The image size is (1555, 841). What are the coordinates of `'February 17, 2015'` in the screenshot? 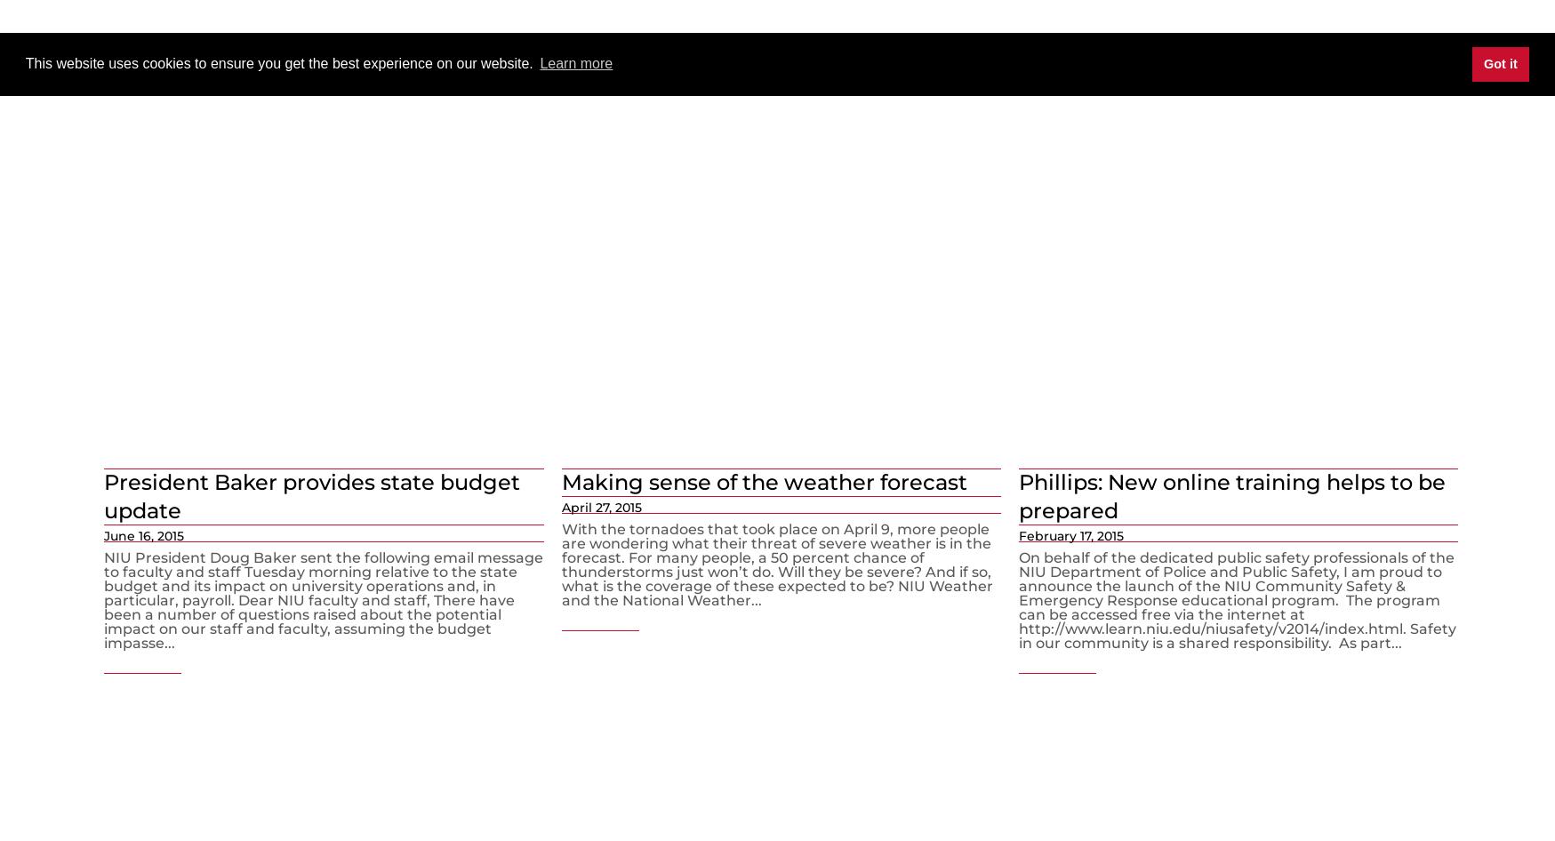 It's located at (1070, 534).